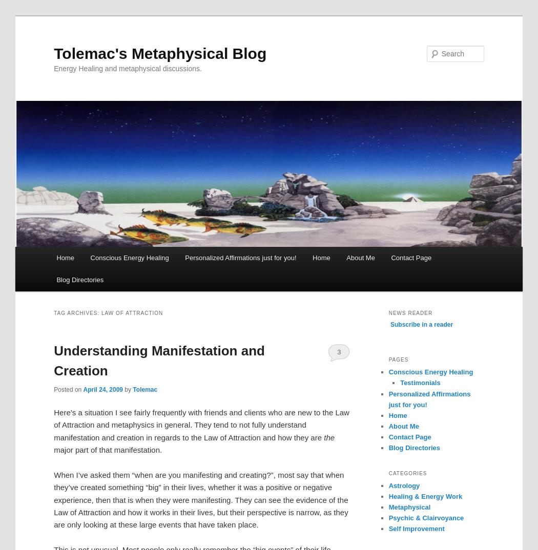 The height and width of the screenshot is (550, 538). What do you see at coordinates (83, 388) in the screenshot?
I see `'April 24, 2009'` at bounding box center [83, 388].